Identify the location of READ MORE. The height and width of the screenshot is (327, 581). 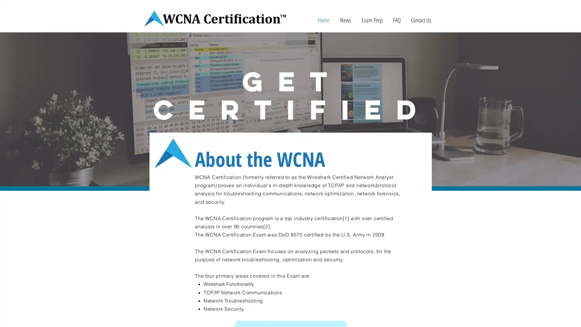
(290, 175).